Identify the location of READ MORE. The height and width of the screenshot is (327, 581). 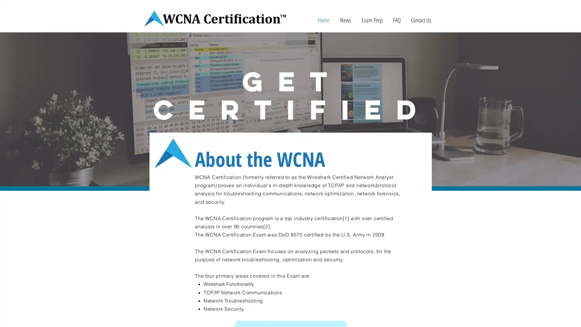
(290, 175).